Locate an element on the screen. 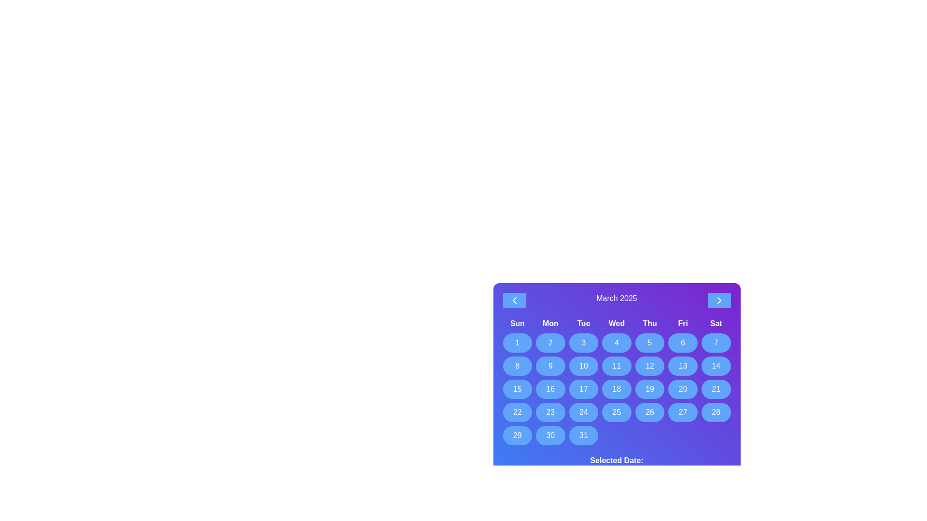 Image resolution: width=927 pixels, height=521 pixels. the circular button with a blue background displaying the number '22' is located at coordinates (517, 412).